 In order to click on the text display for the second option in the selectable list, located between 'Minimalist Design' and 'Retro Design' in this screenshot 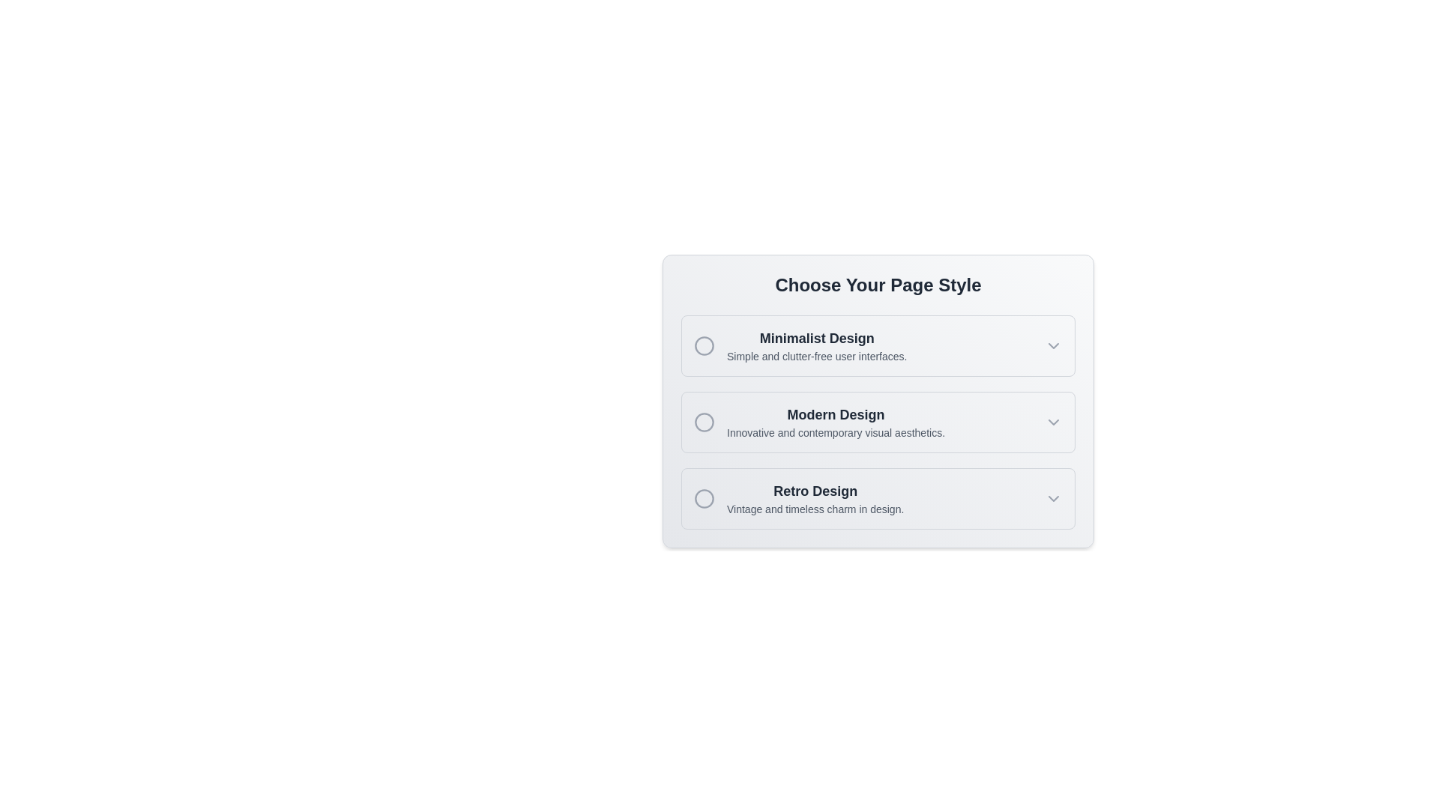, I will do `click(835, 422)`.